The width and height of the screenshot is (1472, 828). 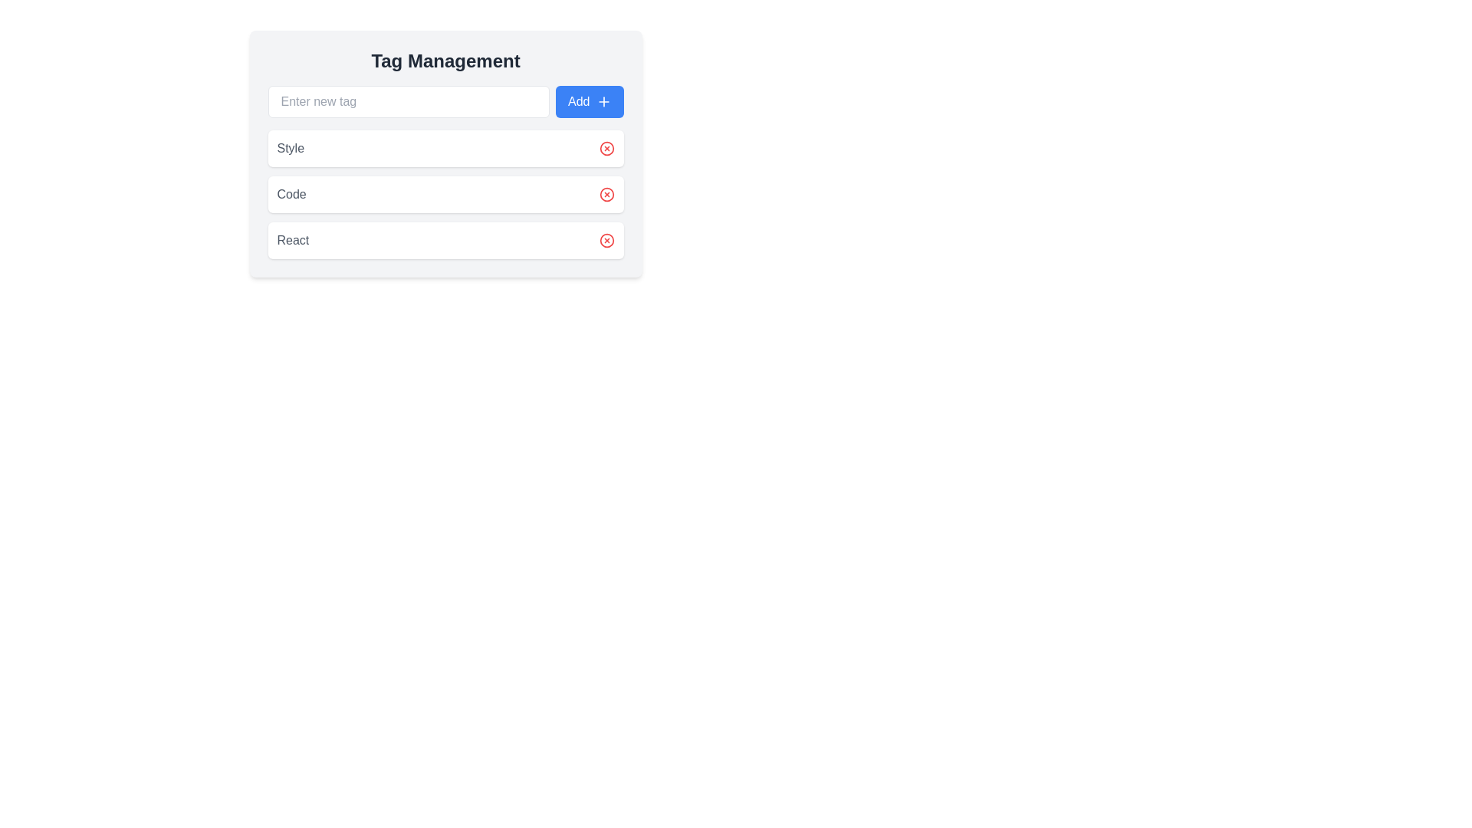 I want to click on the delete button located at the far right end of the row displaying the label 'Code', so click(x=606, y=194).